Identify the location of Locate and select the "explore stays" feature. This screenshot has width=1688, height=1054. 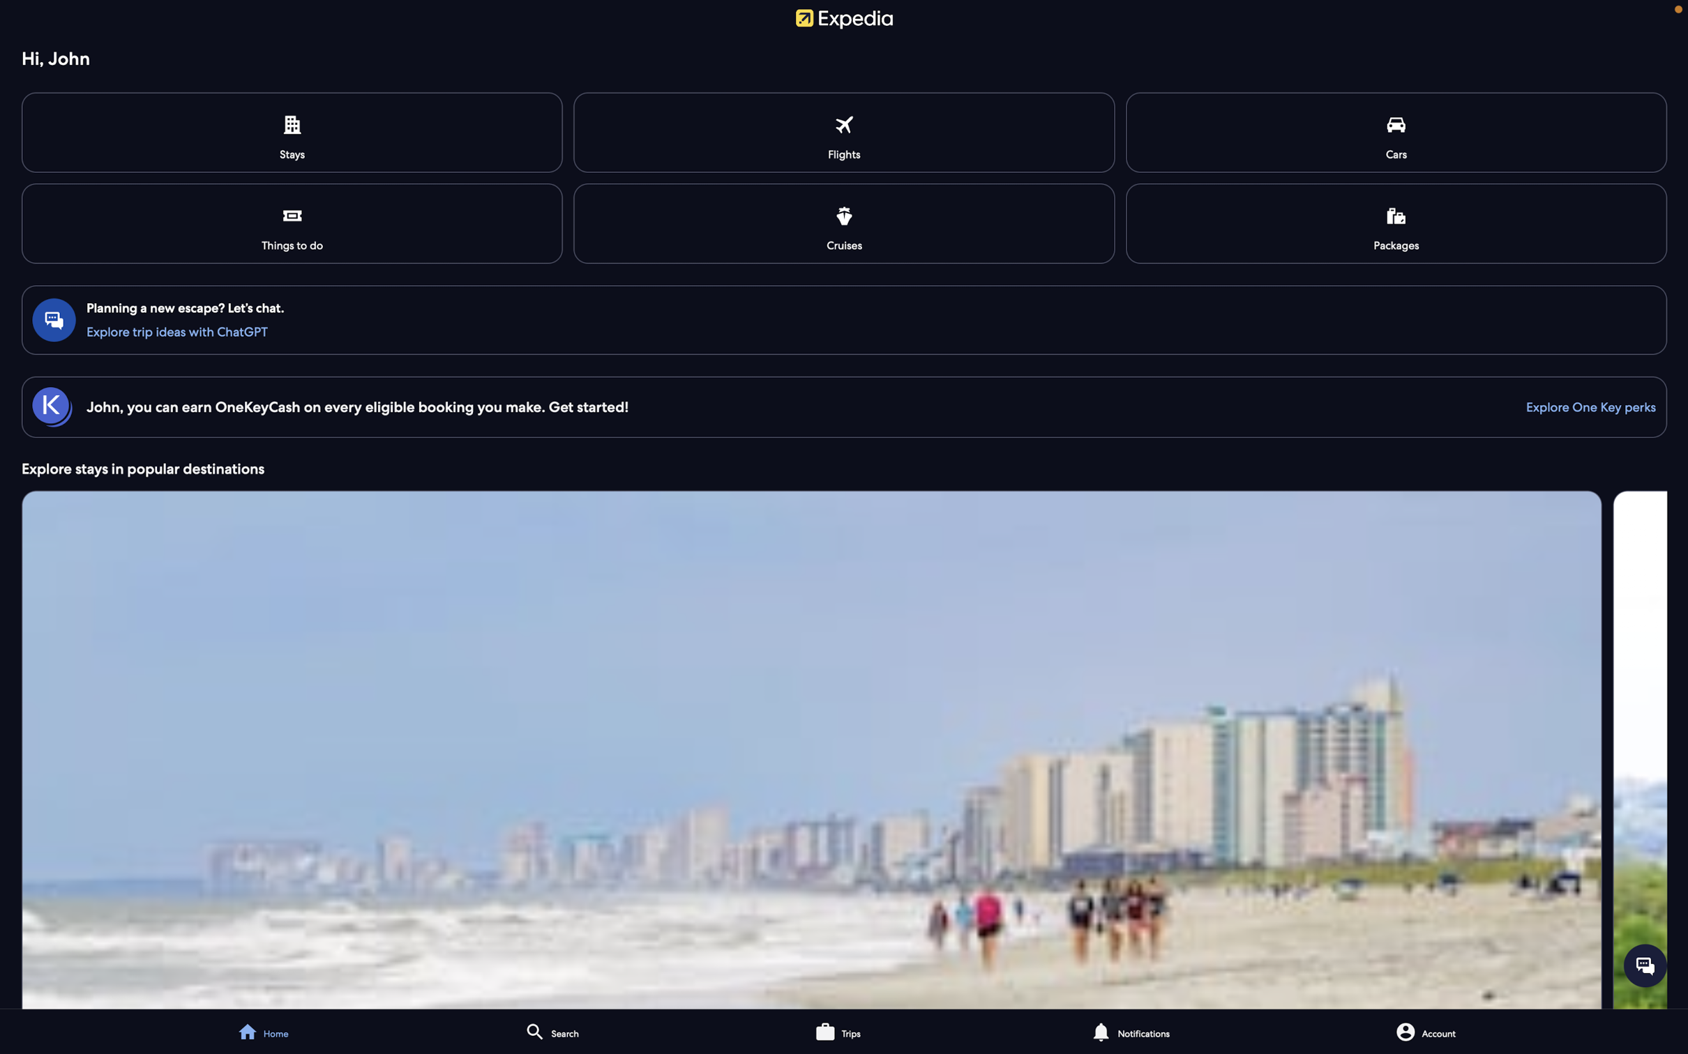
(844, 747).